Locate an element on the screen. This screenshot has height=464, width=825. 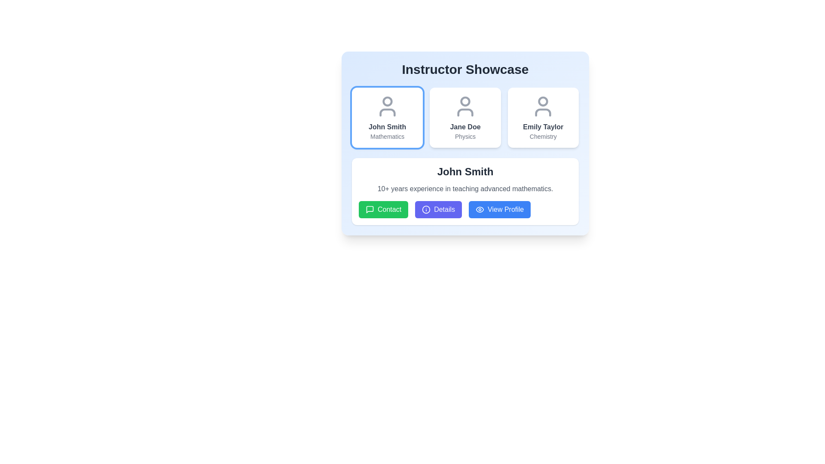
the Profile Card for instructor Jane Doe, which showcases her expertise in Physics, located in the middle column of the grid layout is located at coordinates (465, 143).